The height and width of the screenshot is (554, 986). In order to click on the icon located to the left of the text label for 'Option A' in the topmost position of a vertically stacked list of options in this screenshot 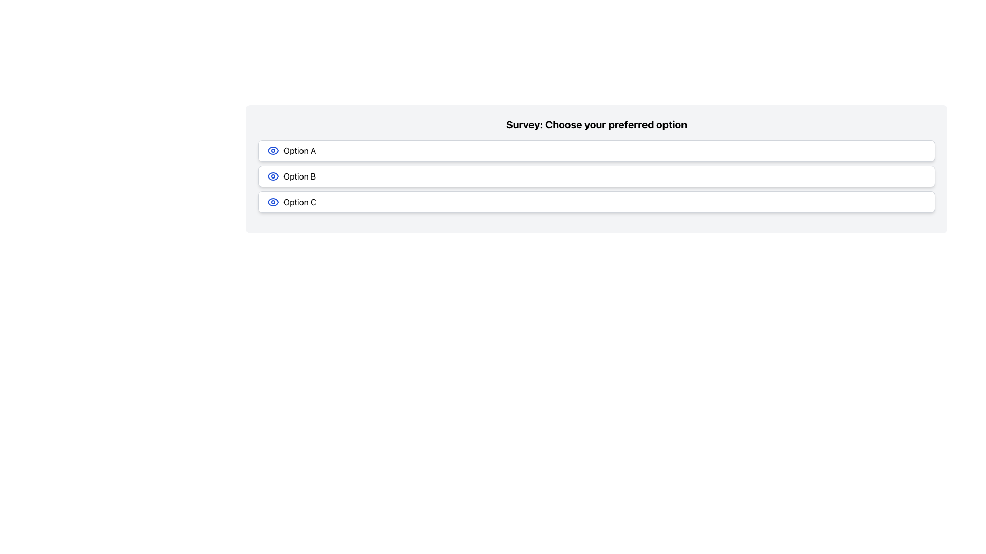, I will do `click(273, 150)`.